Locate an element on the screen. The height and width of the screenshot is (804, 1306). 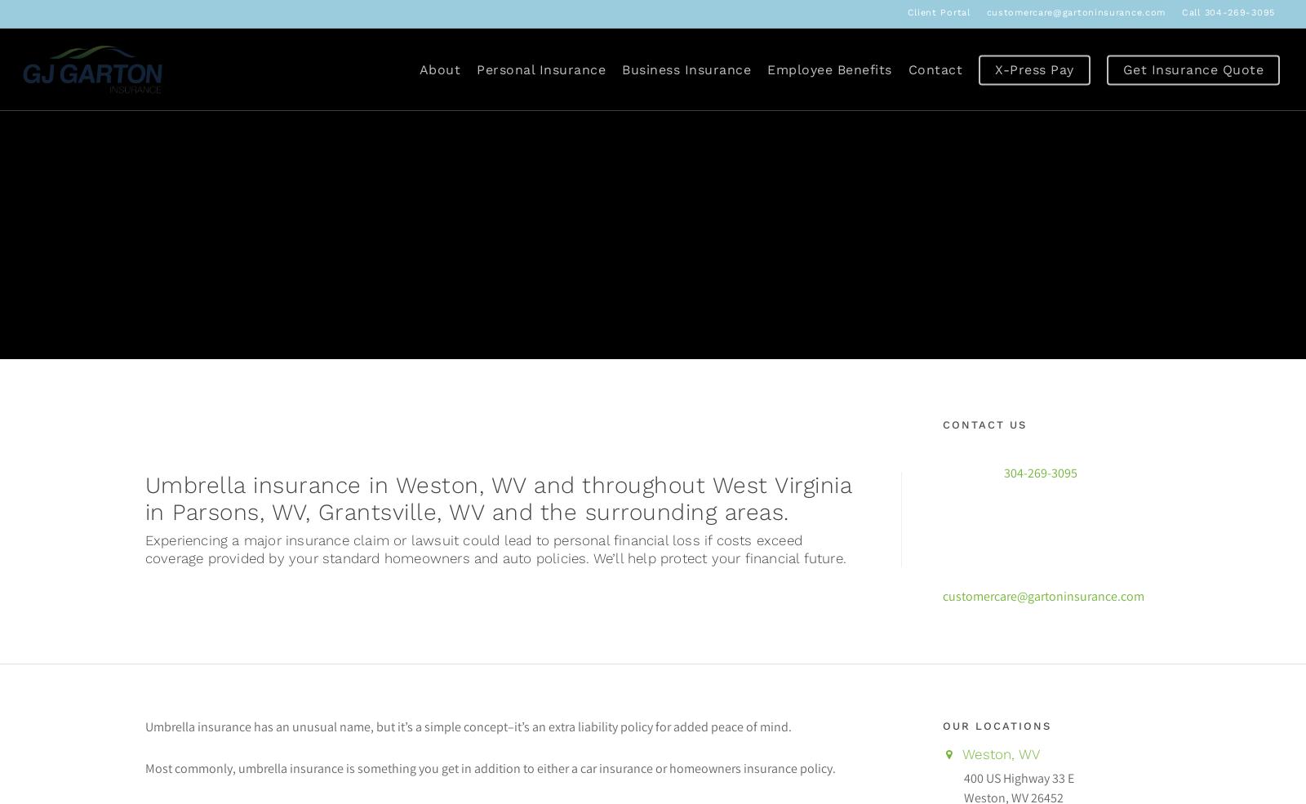
'Umbrella Insurance - Weston, WV' is located at coordinates (143, 327).